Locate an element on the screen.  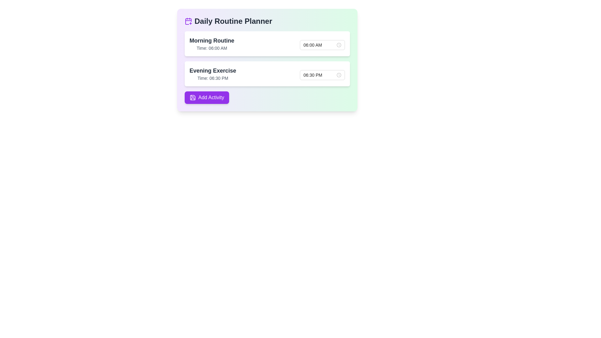
text snippet that states 'Time: 06:00 AM', styled in gray color, located below the 'Morning Routine' header in the upper-left card of the interface is located at coordinates (212, 48).